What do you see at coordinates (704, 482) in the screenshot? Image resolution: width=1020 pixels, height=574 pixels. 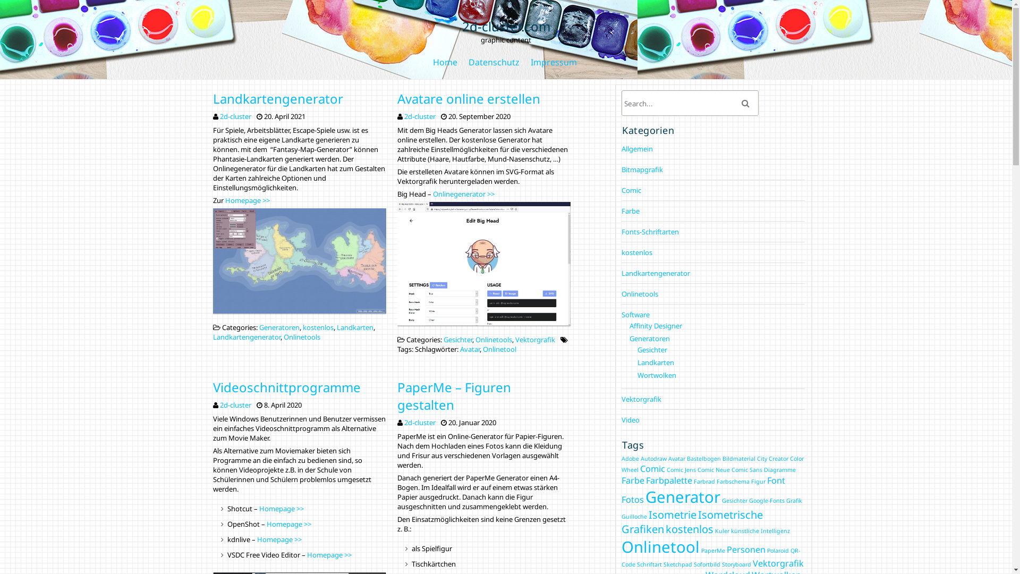 I see `'Farbrad'` at bounding box center [704, 482].